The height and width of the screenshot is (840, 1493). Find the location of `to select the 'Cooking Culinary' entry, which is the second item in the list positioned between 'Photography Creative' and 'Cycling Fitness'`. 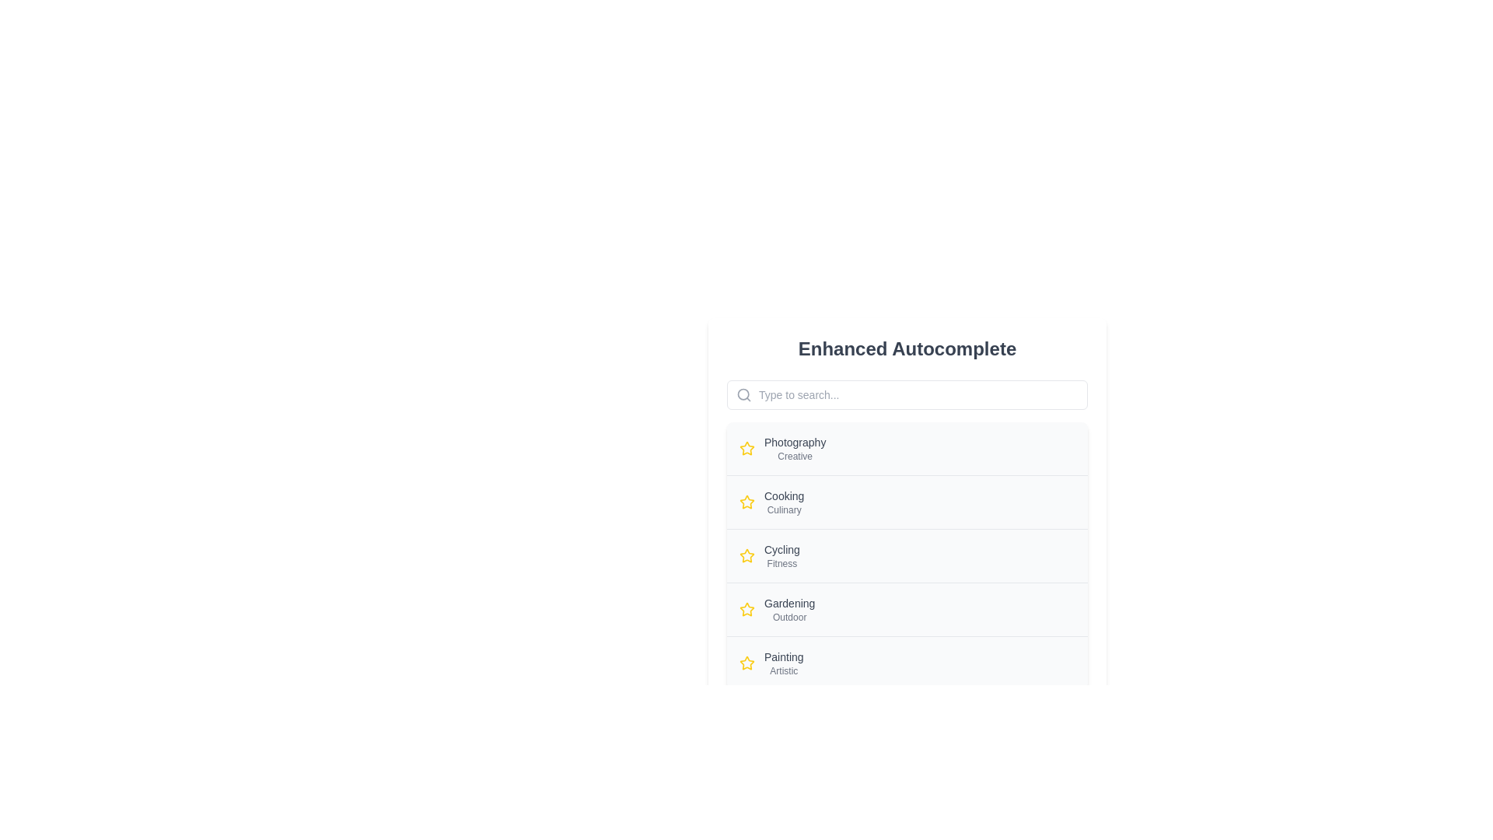

to select the 'Cooking Culinary' entry, which is the second item in the list positioned between 'Photography Creative' and 'Cycling Fitness' is located at coordinates (907, 501).